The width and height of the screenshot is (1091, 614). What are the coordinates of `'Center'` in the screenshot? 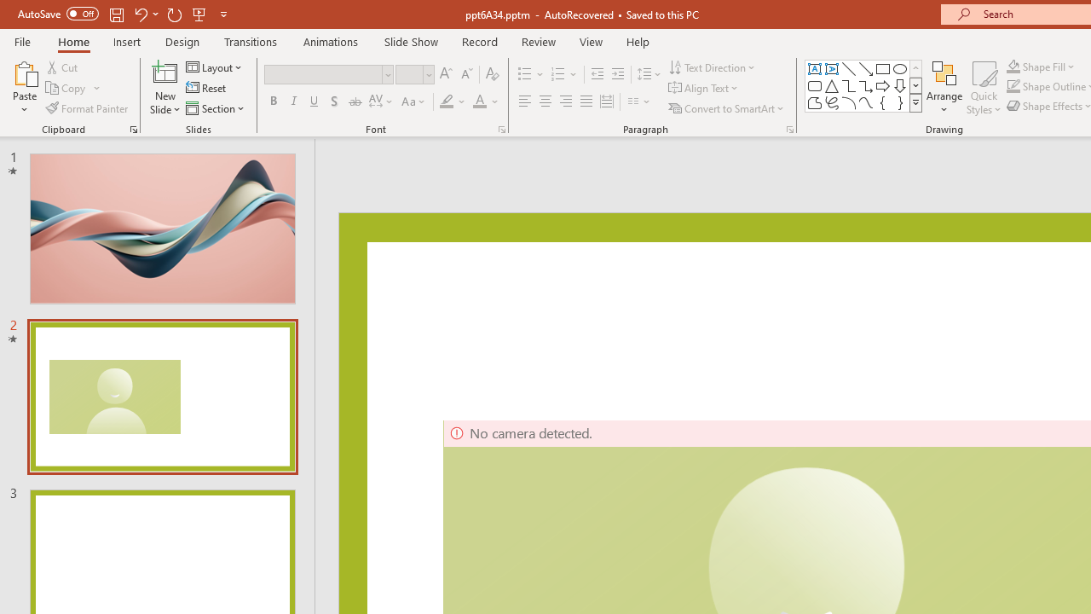 It's located at (545, 101).